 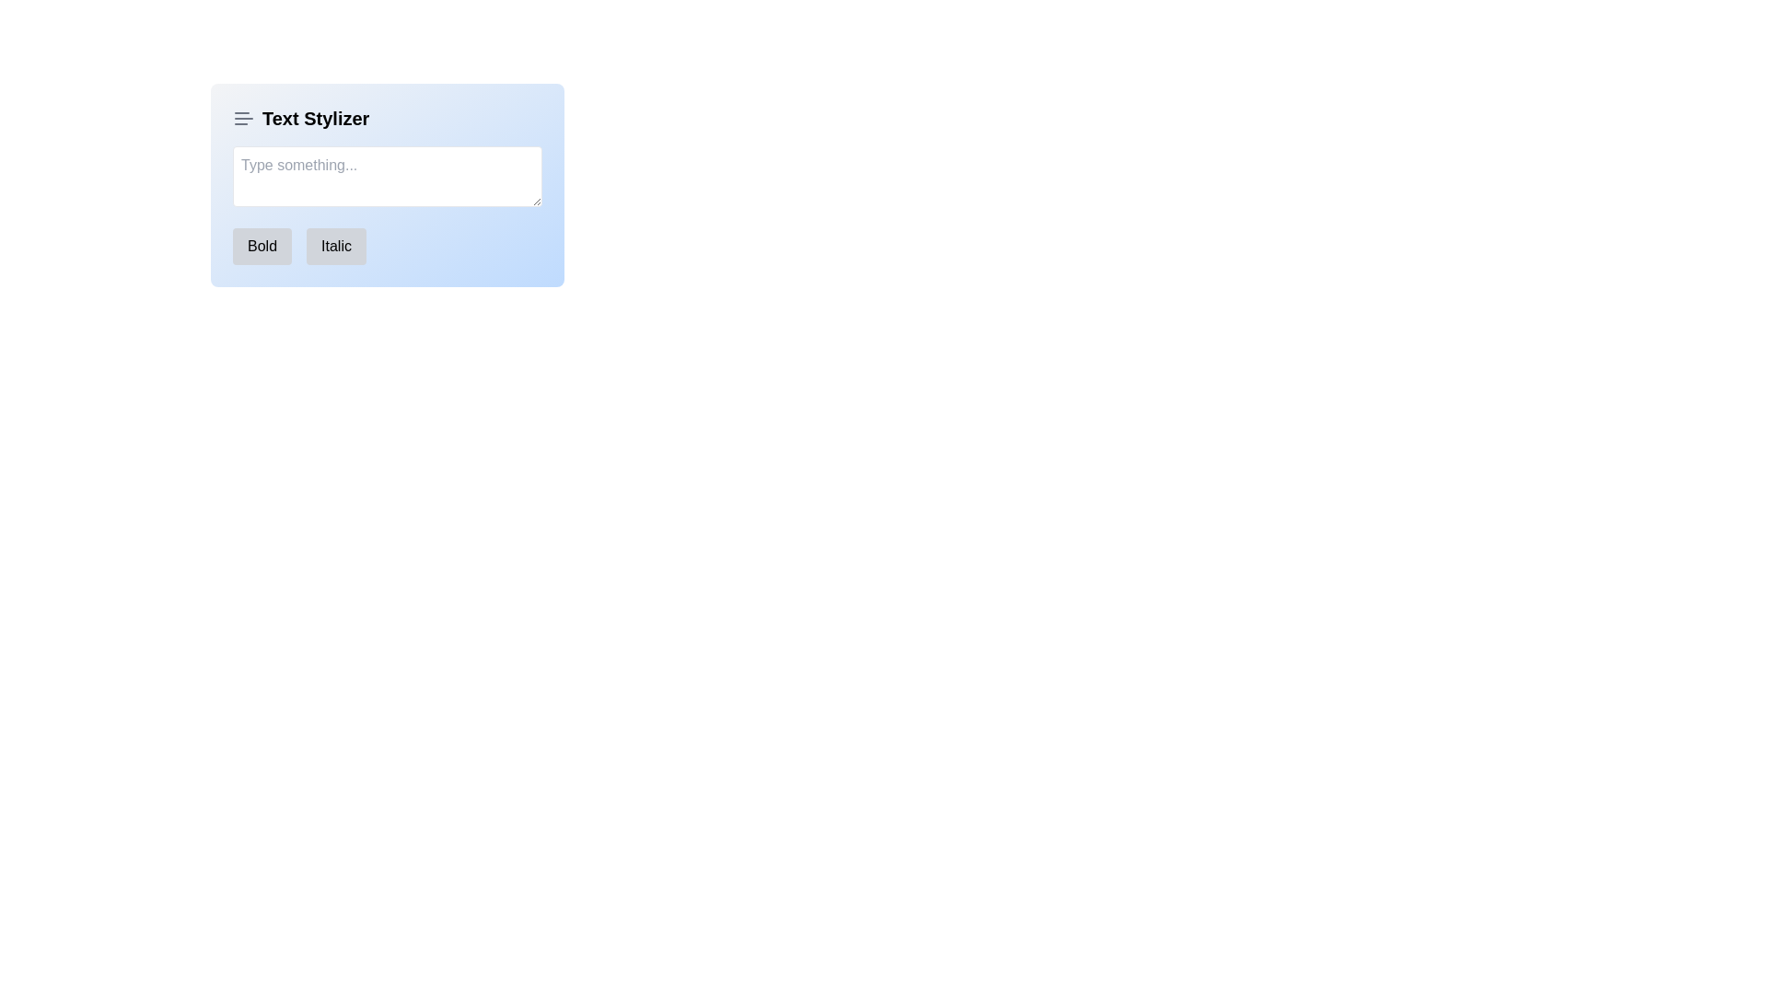 What do you see at coordinates (242, 118) in the screenshot?
I see `the text formatting icon located on the top-left side of the 'Text Stylizer' section, positioned directly to the left of the text label` at bounding box center [242, 118].